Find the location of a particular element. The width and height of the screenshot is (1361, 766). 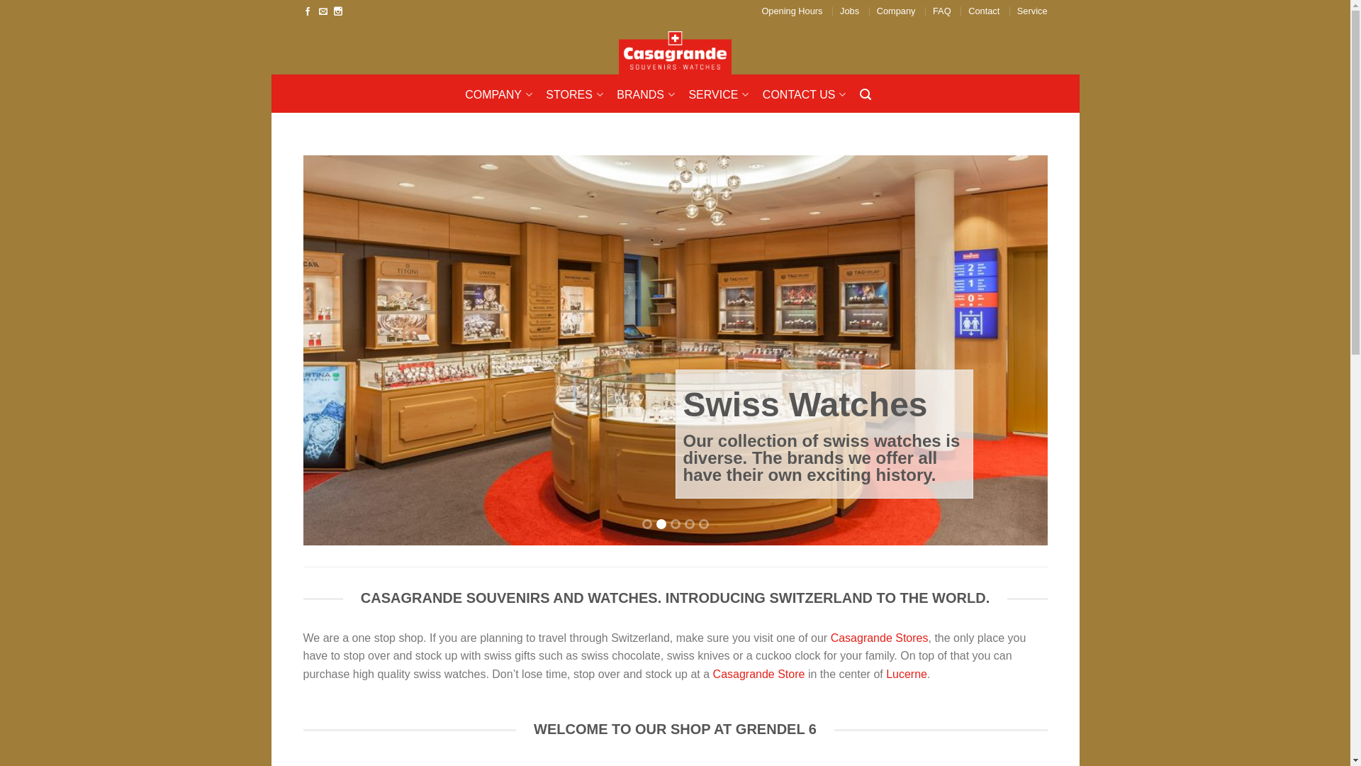

'CONTACT US' is located at coordinates (810, 94).